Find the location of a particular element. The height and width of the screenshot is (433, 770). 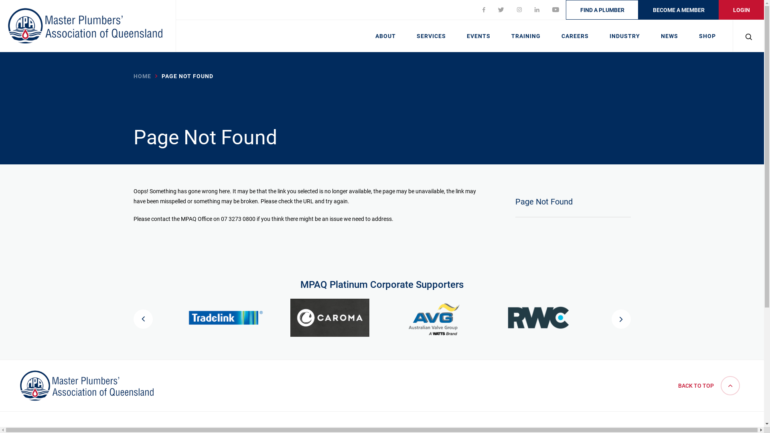

'CAROMA - Platinum Corporate Supporter' is located at coordinates (290, 317).